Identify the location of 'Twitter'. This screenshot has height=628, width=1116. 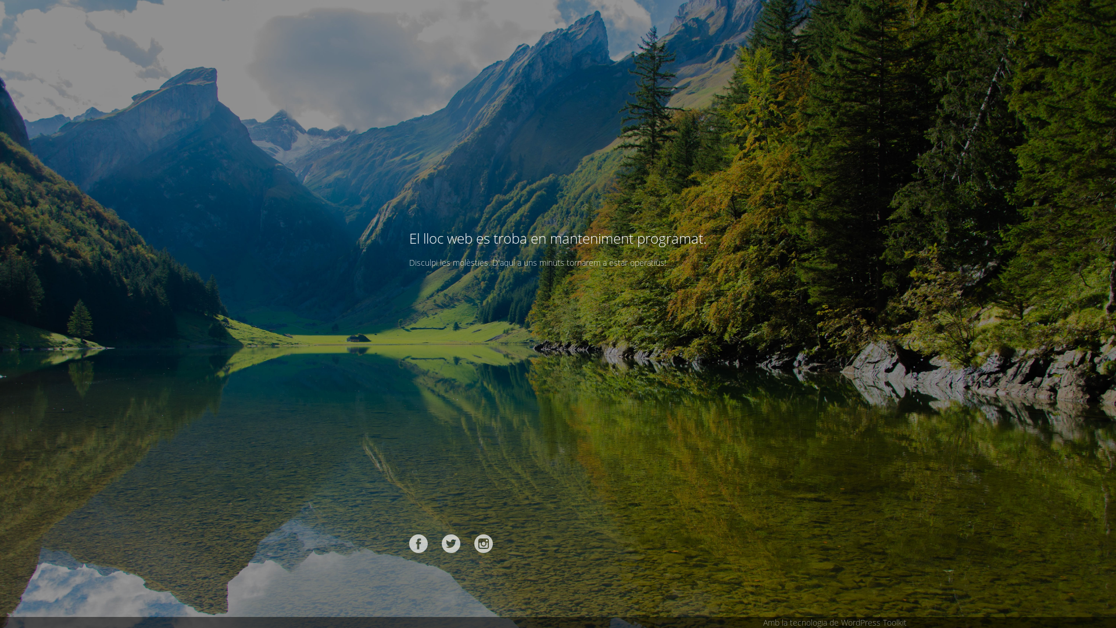
(450, 543).